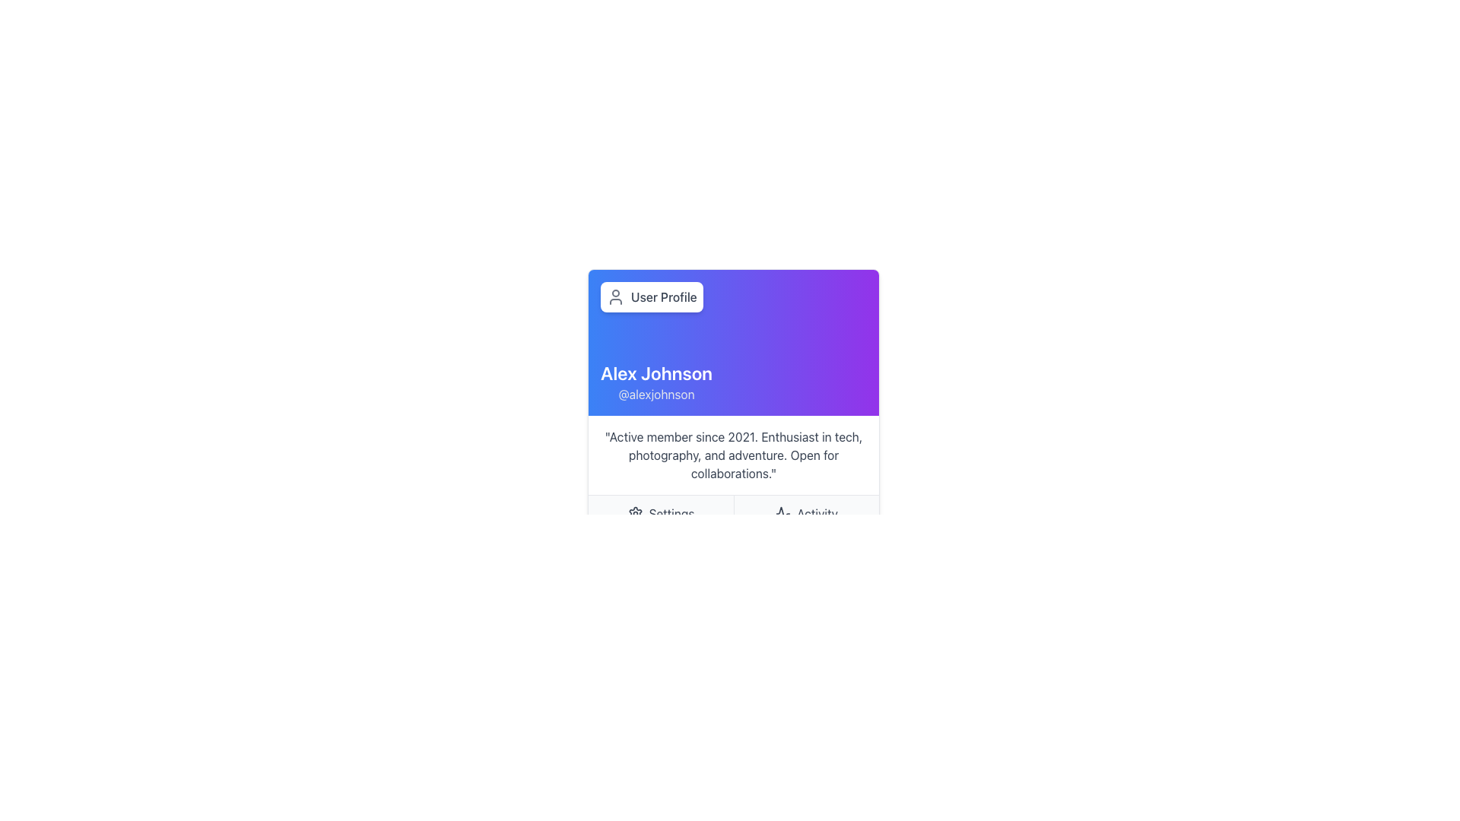  Describe the element at coordinates (783, 513) in the screenshot. I see `the 'Activity' icon located on the right side of the profile description section, adjacent to the word 'Activity'` at that location.